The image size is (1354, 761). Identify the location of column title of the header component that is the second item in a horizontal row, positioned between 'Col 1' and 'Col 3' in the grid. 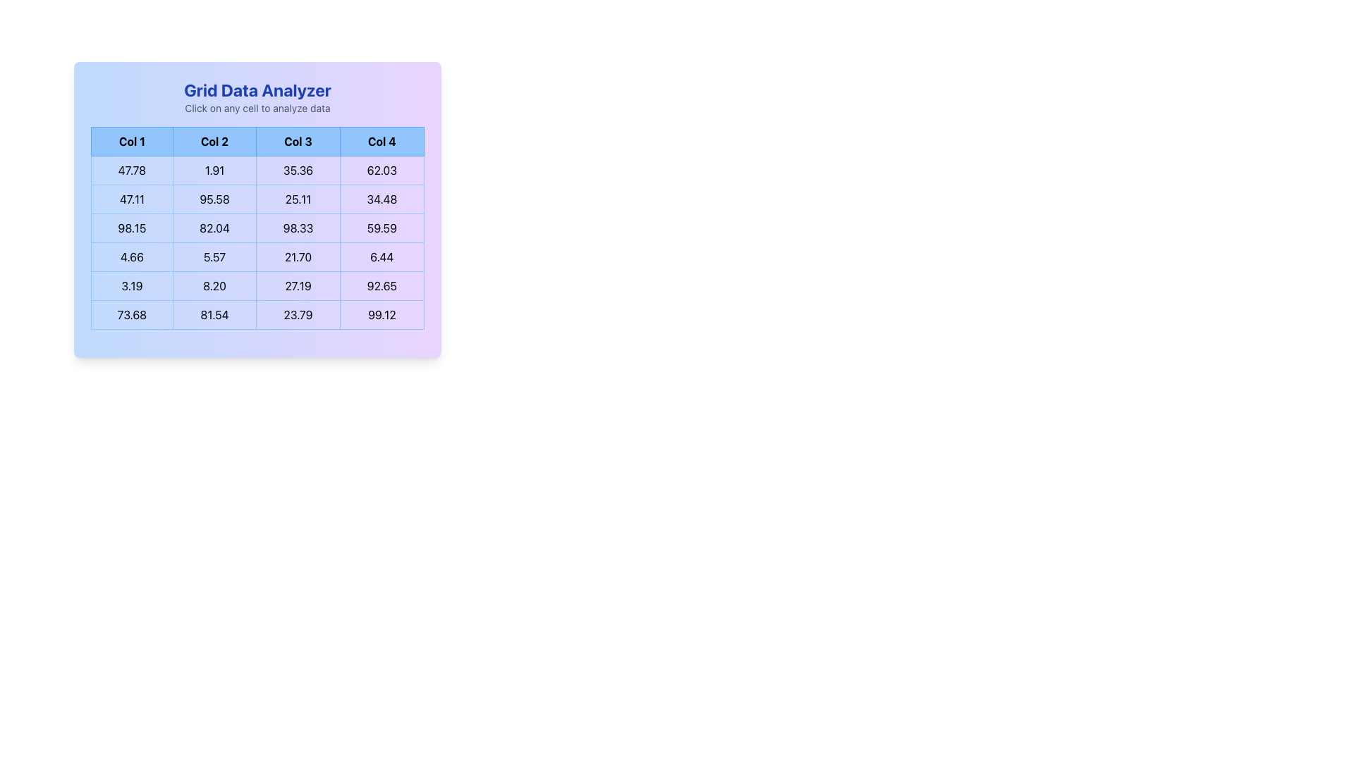
(214, 141).